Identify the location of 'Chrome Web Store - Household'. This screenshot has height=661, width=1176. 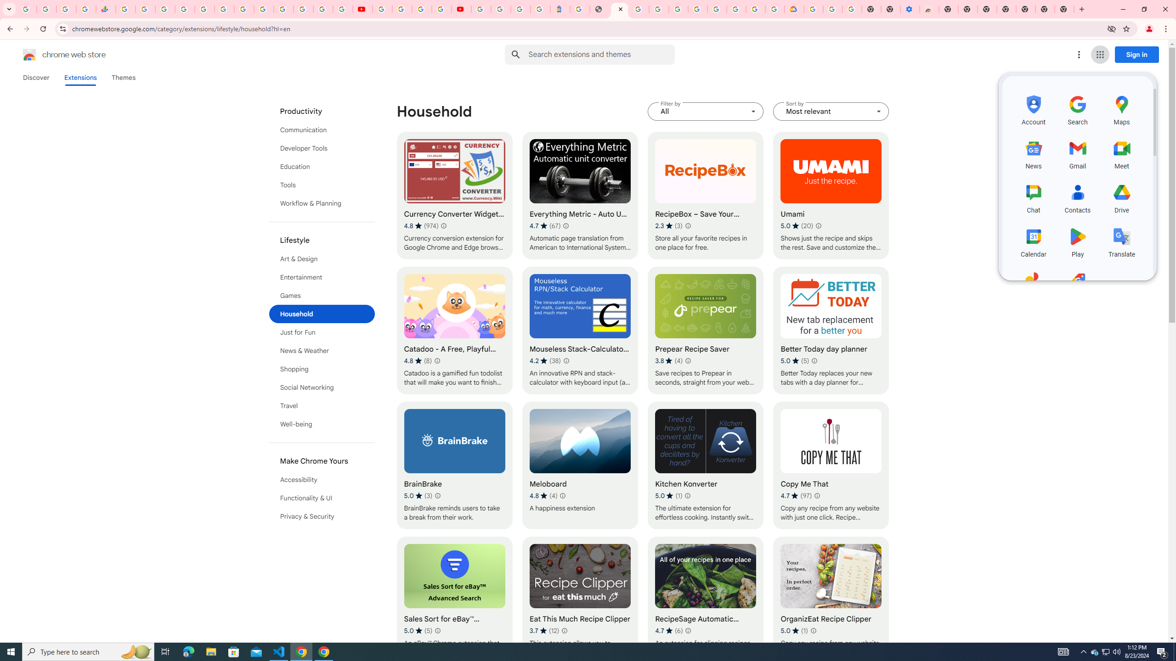
(620, 9).